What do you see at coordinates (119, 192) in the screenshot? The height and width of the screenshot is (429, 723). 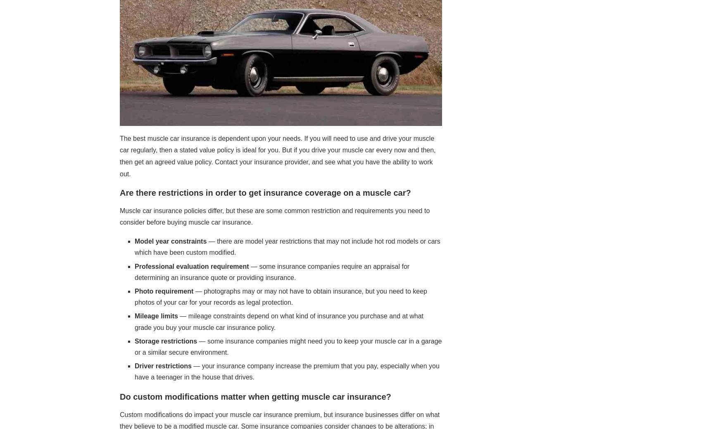 I see `'Are there restrictions in order to get insurance coverage on a muscle car?'` at bounding box center [119, 192].